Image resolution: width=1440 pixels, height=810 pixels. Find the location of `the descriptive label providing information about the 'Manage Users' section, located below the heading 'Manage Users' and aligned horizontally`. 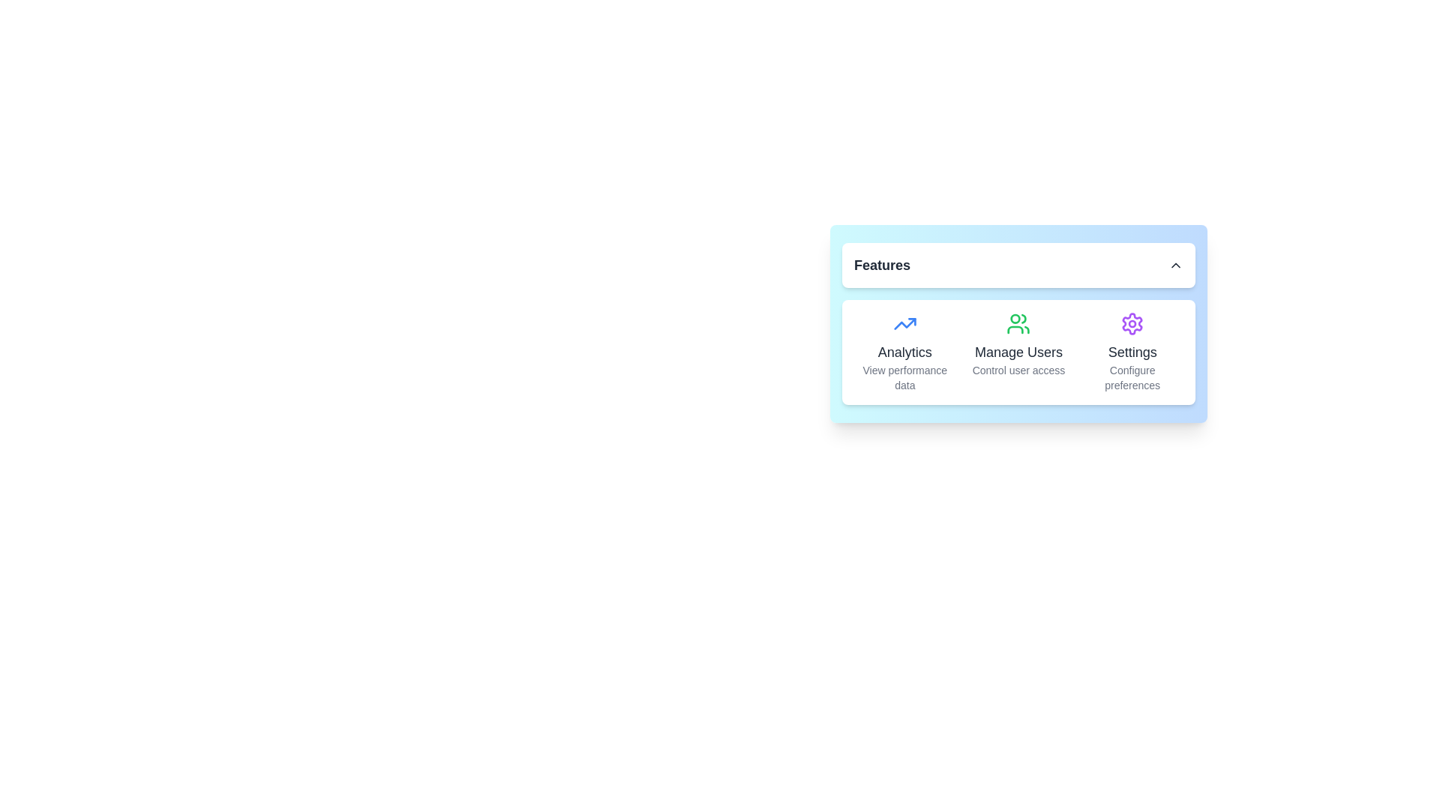

the descriptive label providing information about the 'Manage Users' section, located below the heading 'Manage Users' and aligned horizontally is located at coordinates (1018, 370).